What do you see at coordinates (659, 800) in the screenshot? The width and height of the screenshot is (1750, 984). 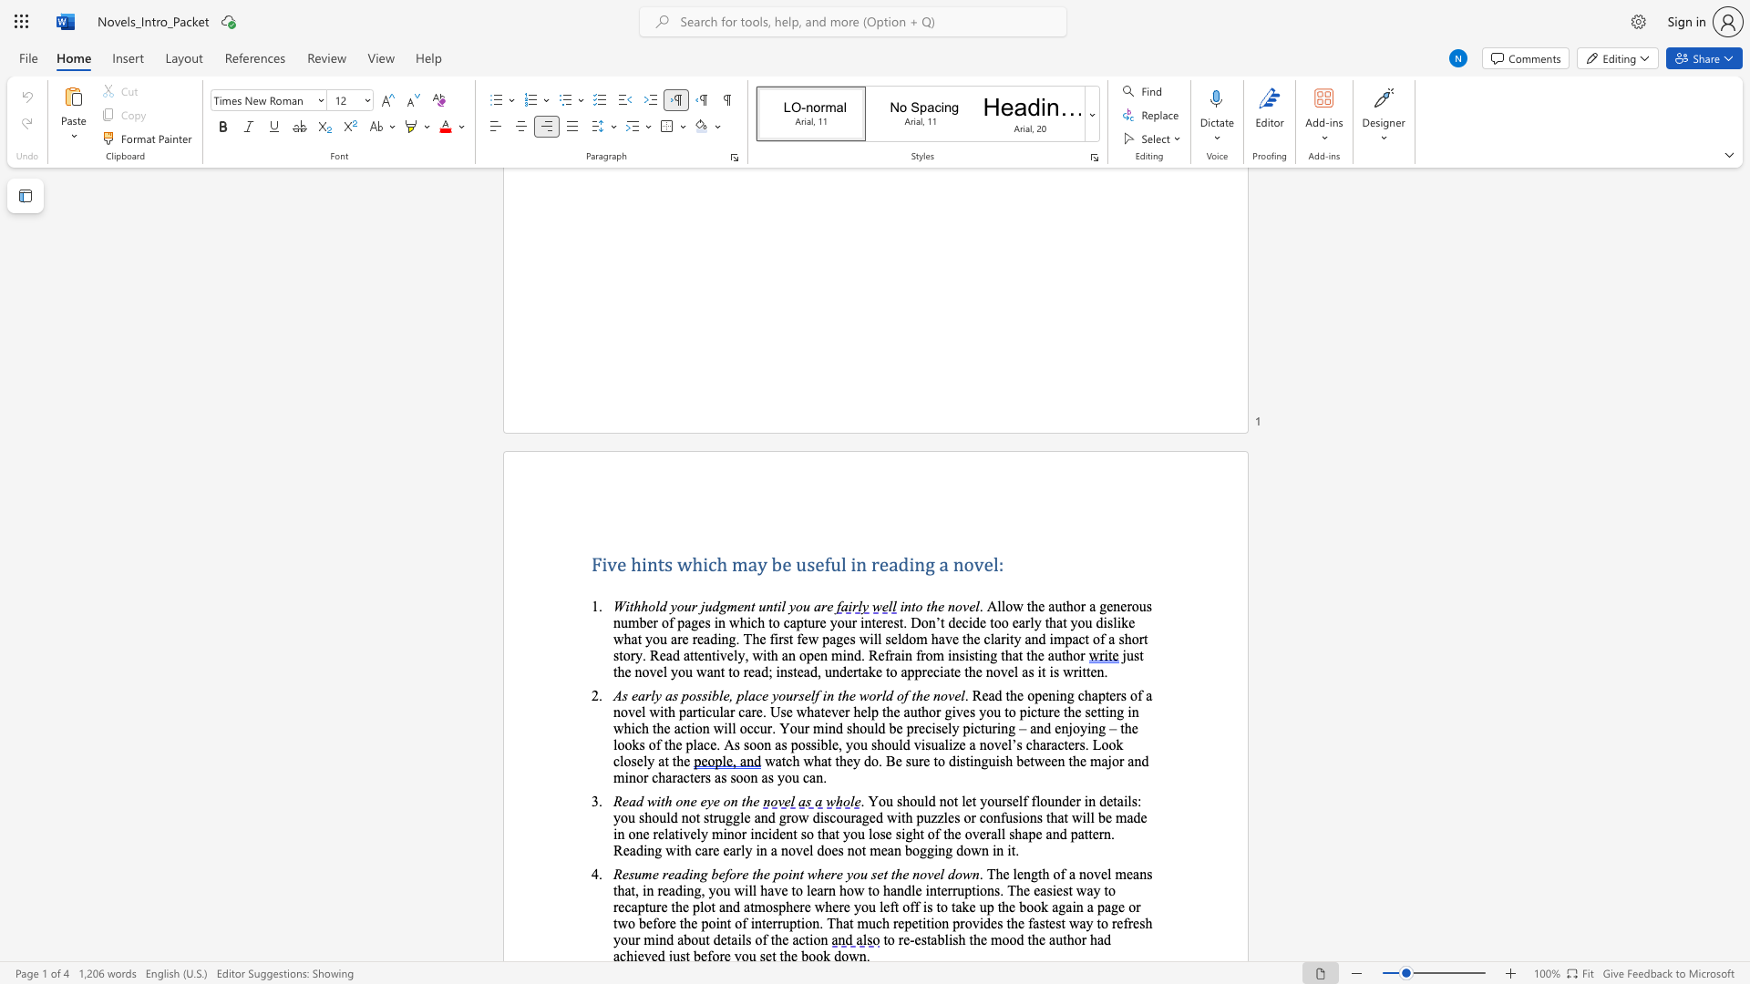 I see `the subset text "th one eye on t" within the text "Read with one eye on the"` at bounding box center [659, 800].